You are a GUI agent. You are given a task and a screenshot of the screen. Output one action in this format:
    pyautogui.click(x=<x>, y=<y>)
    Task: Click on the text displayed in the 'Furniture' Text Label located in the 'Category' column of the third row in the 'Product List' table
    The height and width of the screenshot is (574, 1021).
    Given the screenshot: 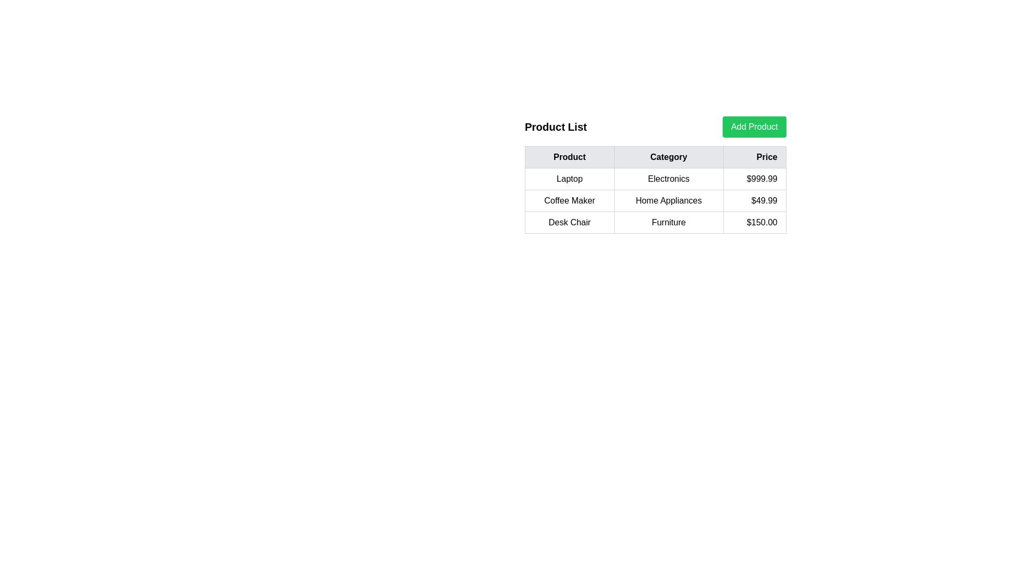 What is the action you would take?
    pyautogui.click(x=668, y=222)
    